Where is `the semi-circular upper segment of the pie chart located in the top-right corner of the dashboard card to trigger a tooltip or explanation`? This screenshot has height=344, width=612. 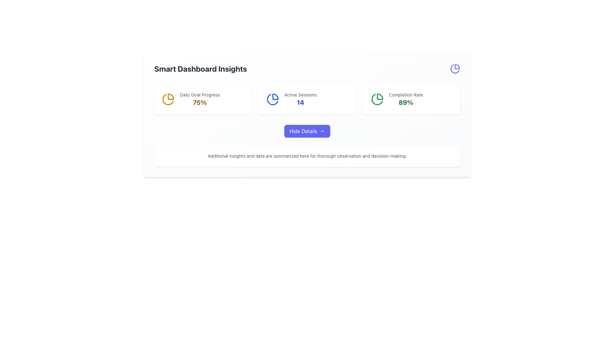
the semi-circular upper segment of the pie chart located in the top-right corner of the dashboard card to trigger a tooltip or explanation is located at coordinates (457, 67).